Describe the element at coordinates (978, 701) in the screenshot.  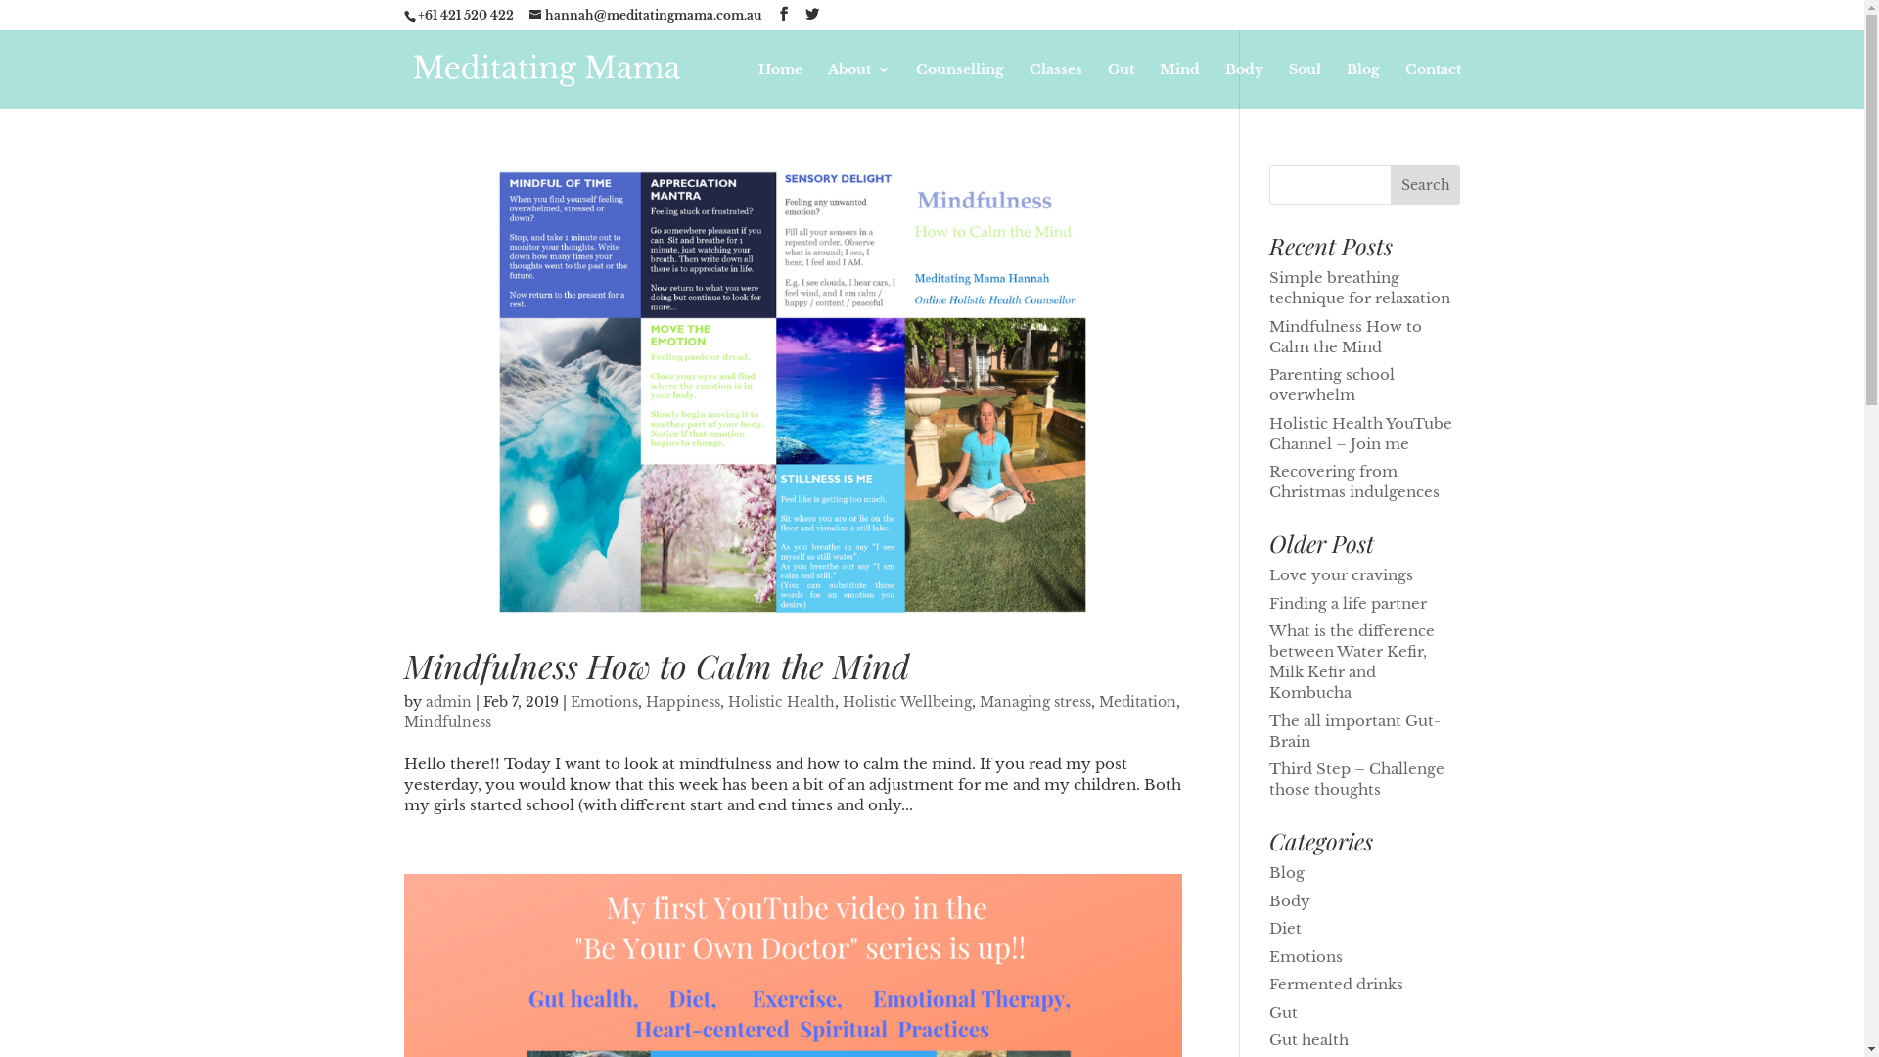
I see `'Managing stress'` at that location.